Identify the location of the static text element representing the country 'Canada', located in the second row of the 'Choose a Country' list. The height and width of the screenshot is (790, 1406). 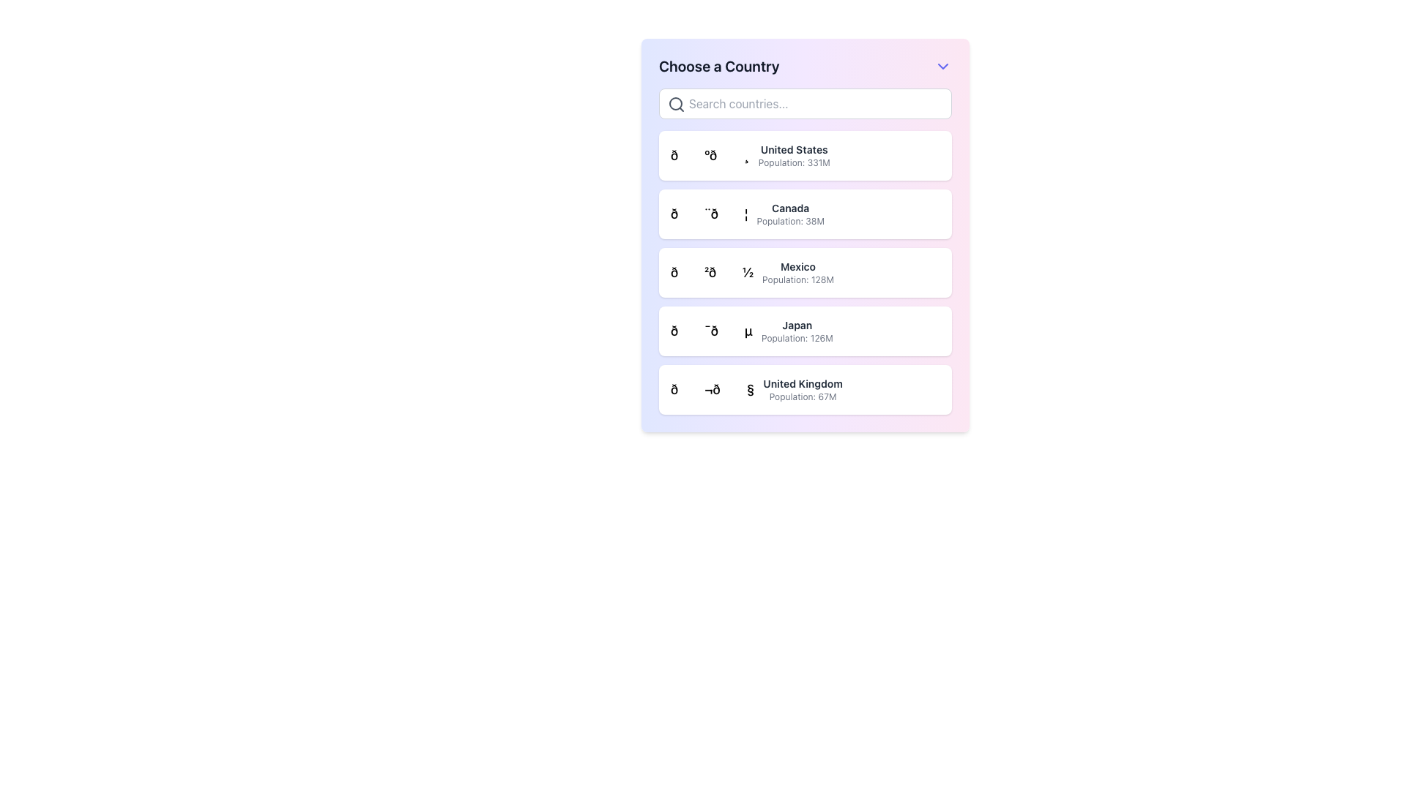
(789, 214).